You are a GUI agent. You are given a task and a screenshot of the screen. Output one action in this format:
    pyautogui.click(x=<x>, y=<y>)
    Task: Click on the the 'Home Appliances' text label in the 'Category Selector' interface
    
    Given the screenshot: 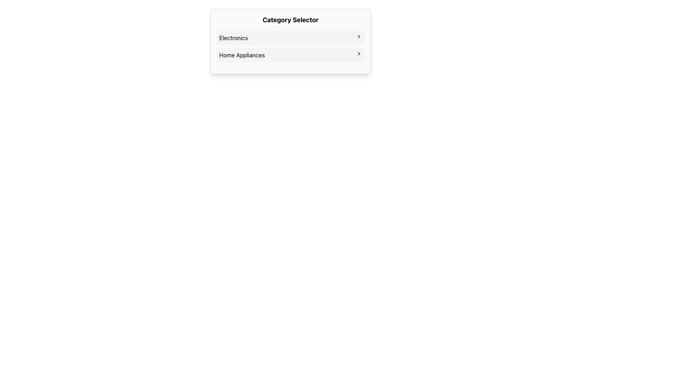 What is the action you would take?
    pyautogui.click(x=242, y=55)
    